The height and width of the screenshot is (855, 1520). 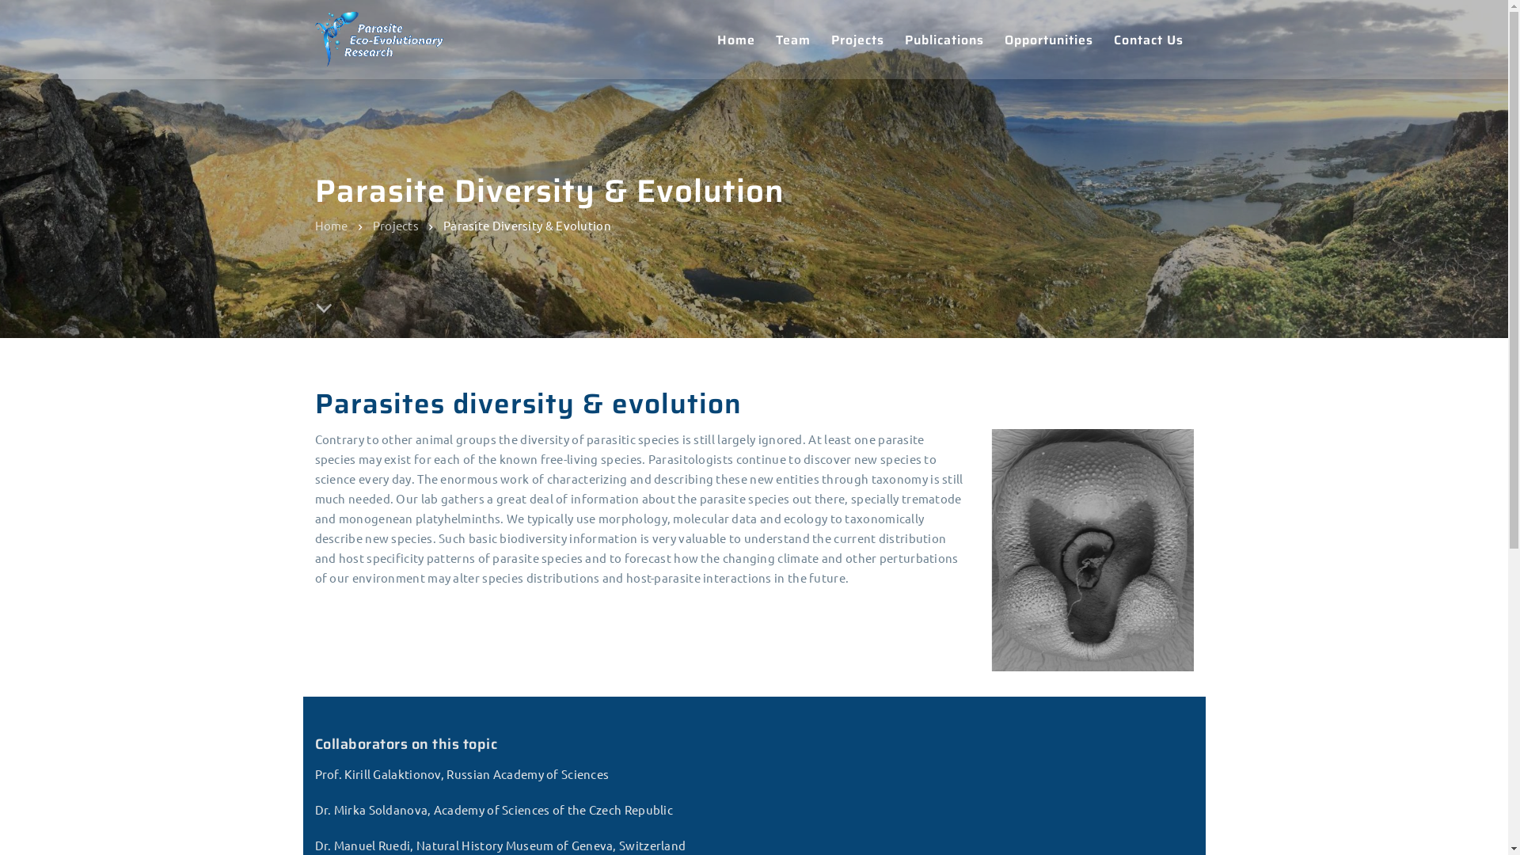 What do you see at coordinates (315, 618) in the screenshot?
I see `'Natural History Museum of Geneva'` at bounding box center [315, 618].